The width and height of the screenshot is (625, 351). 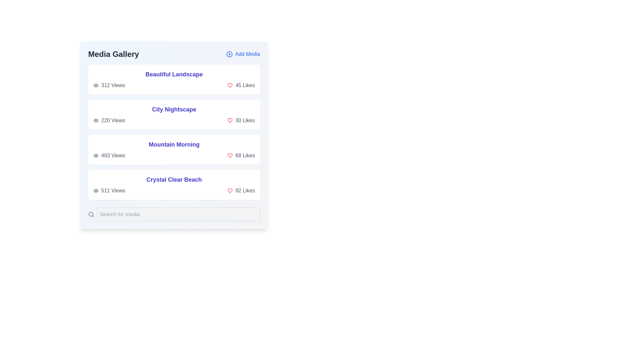 I want to click on the title of the media item Beautiful Landscape, so click(x=174, y=74).